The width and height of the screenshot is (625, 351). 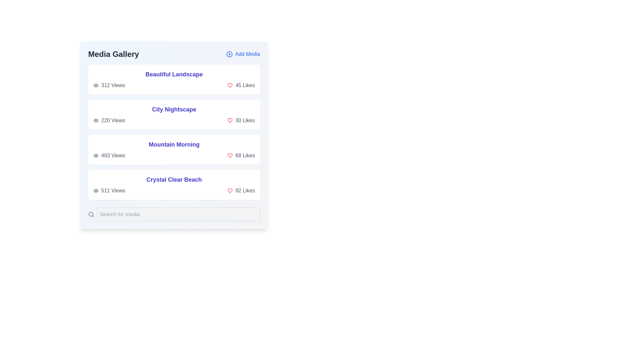 I want to click on the title of the media item Beautiful Landscape, so click(x=174, y=74).